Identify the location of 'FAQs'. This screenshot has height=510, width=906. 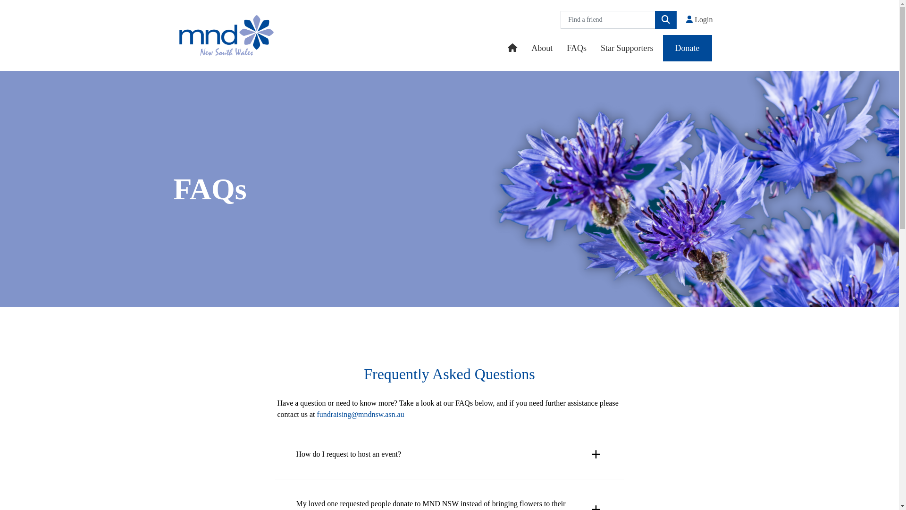
(576, 48).